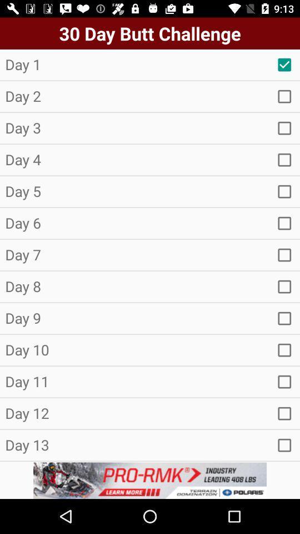  What do you see at coordinates (284, 191) in the screenshot?
I see `choose the option` at bounding box center [284, 191].